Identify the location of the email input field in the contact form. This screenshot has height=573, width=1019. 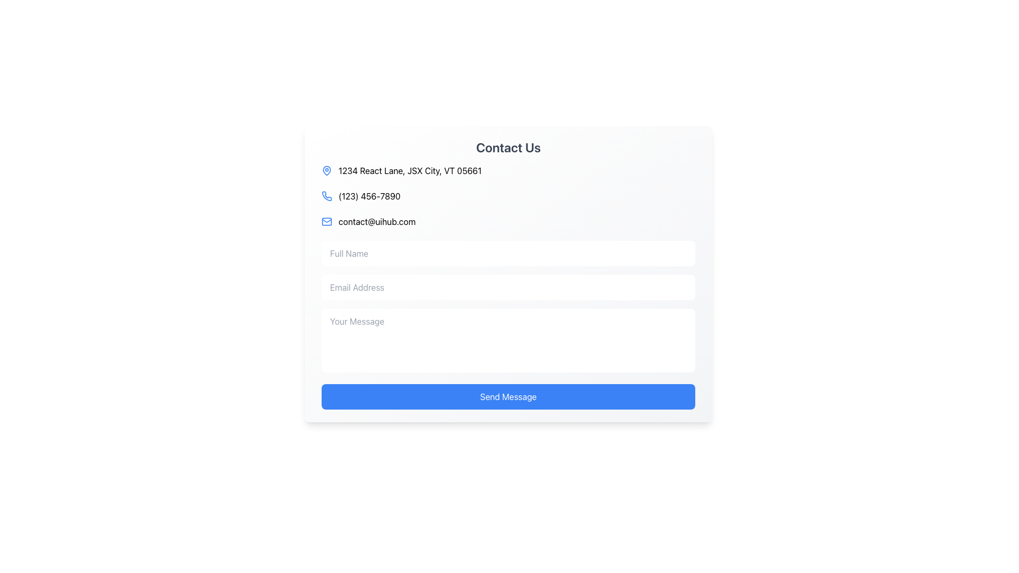
(508, 288).